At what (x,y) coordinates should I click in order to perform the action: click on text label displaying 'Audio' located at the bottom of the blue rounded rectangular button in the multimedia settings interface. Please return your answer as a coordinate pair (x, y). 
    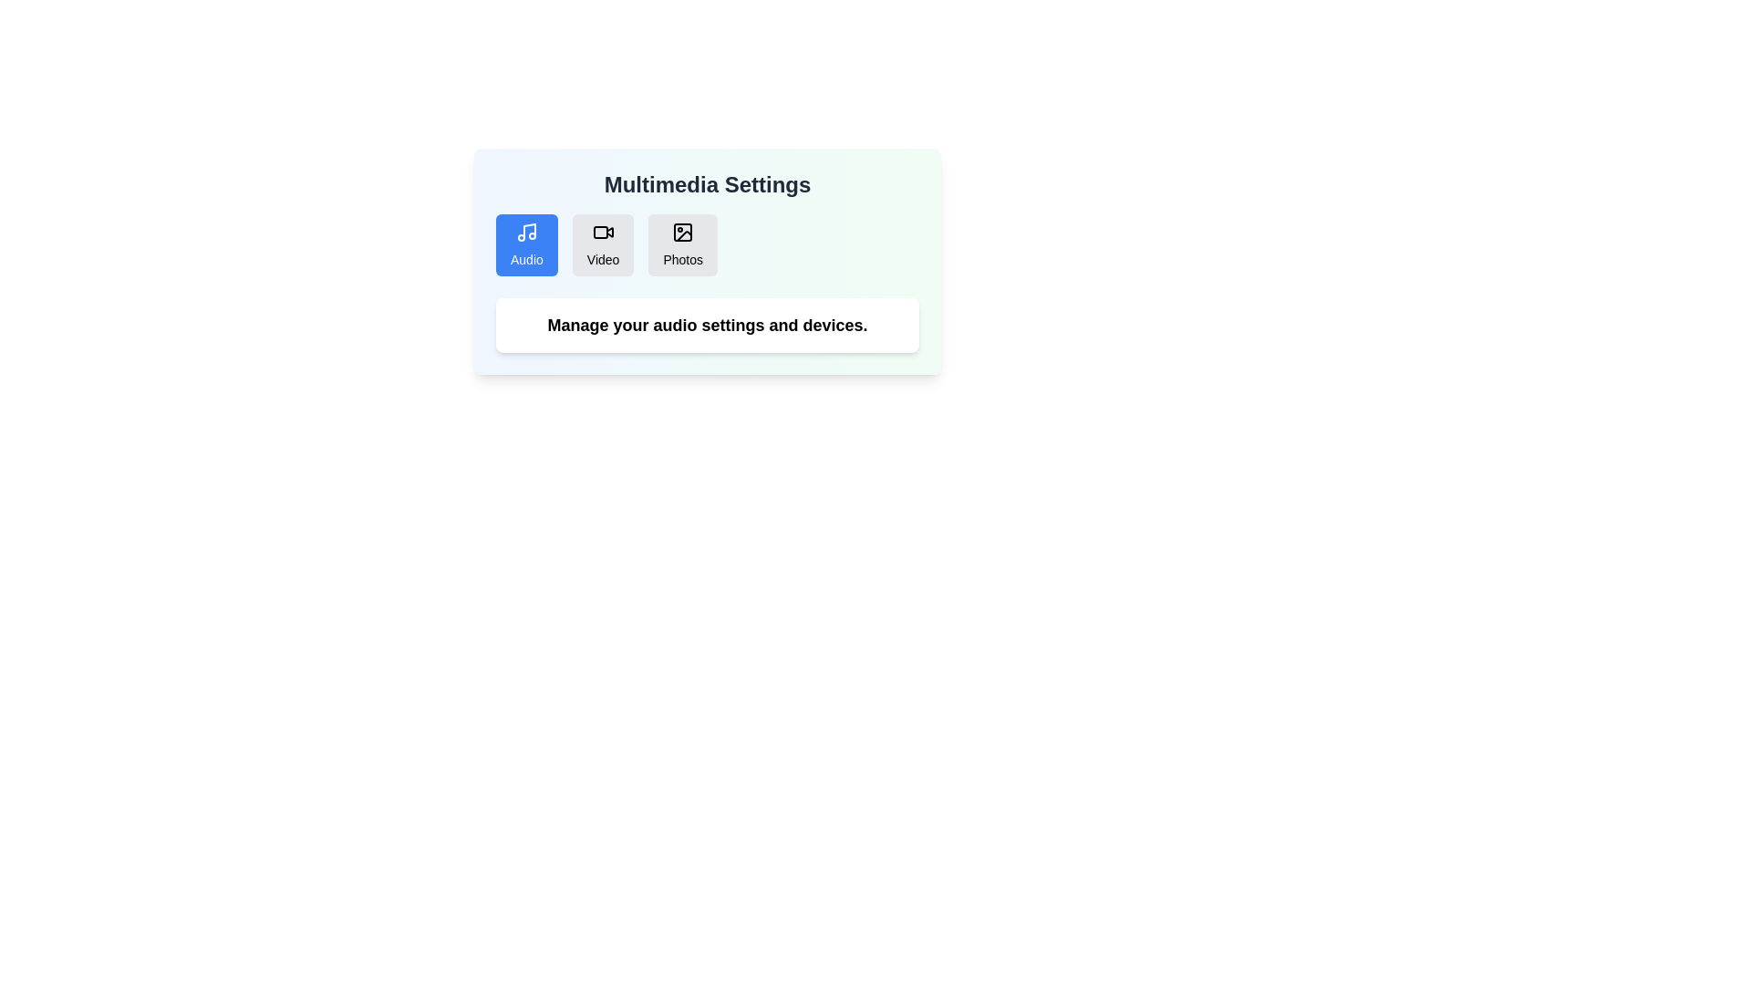
    Looking at the image, I should click on (525, 260).